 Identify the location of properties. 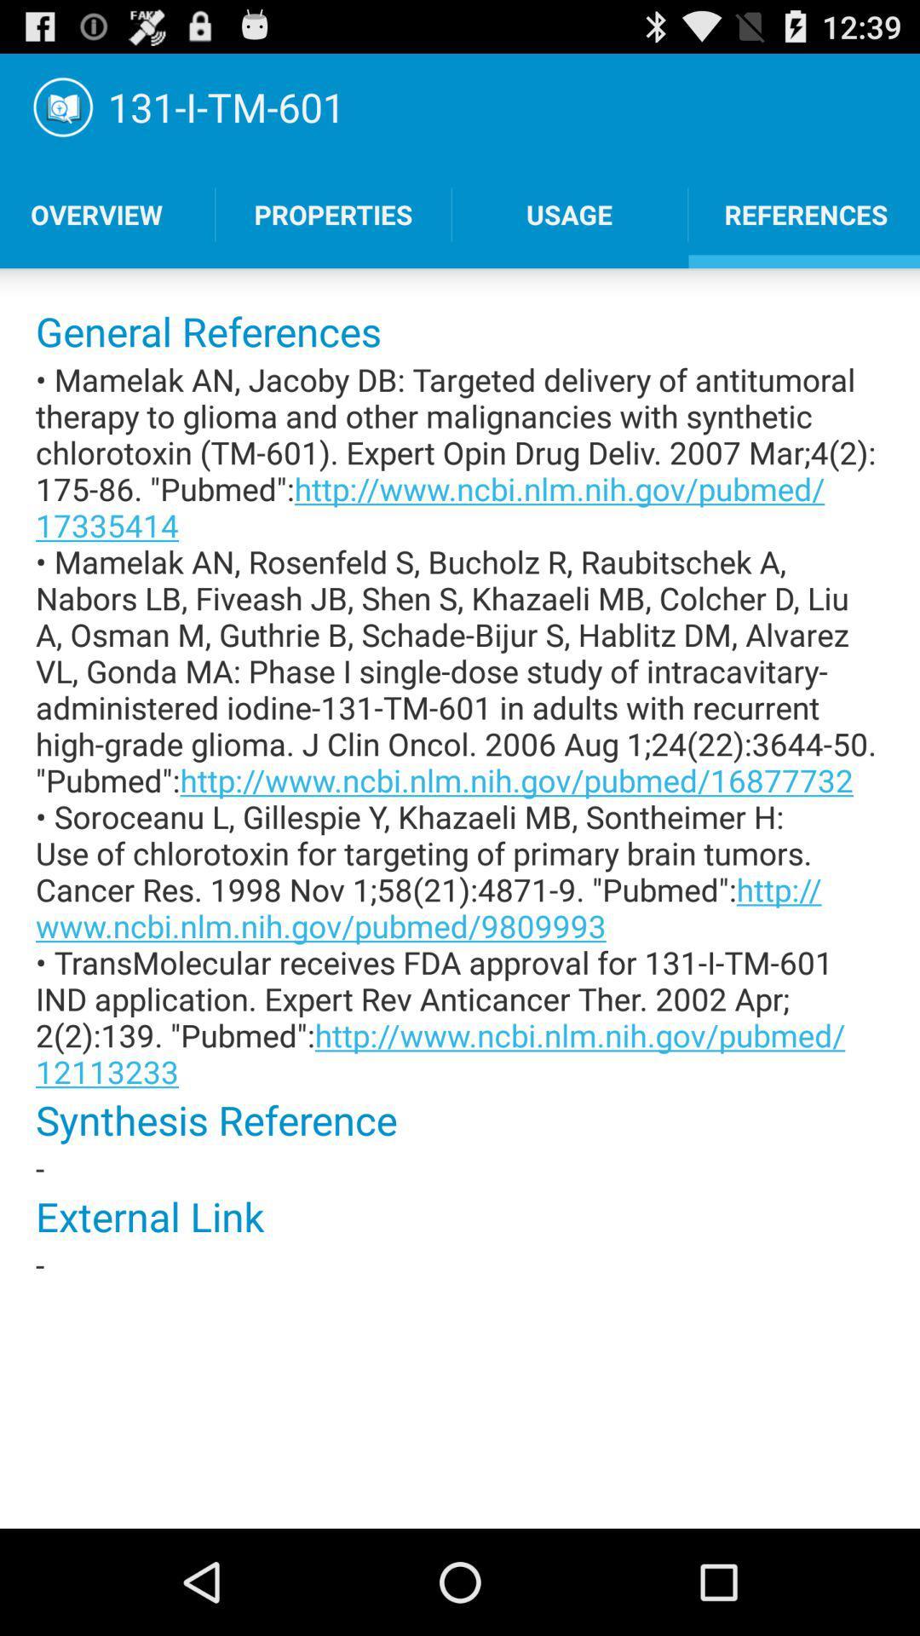
(334, 214).